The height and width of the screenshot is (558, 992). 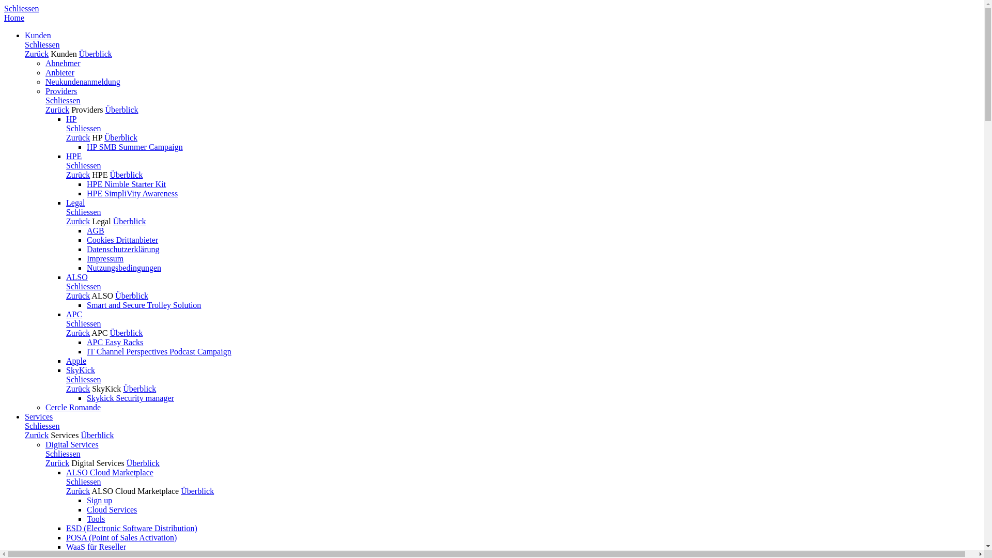 I want to click on 'ALSO', so click(x=76, y=276).